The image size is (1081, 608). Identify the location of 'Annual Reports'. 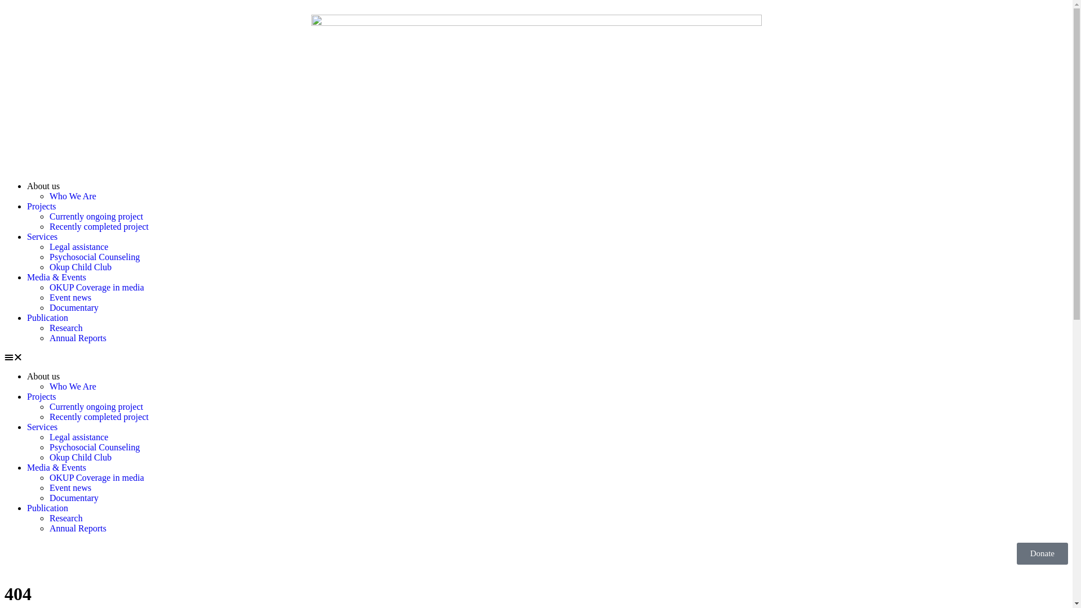
(48, 337).